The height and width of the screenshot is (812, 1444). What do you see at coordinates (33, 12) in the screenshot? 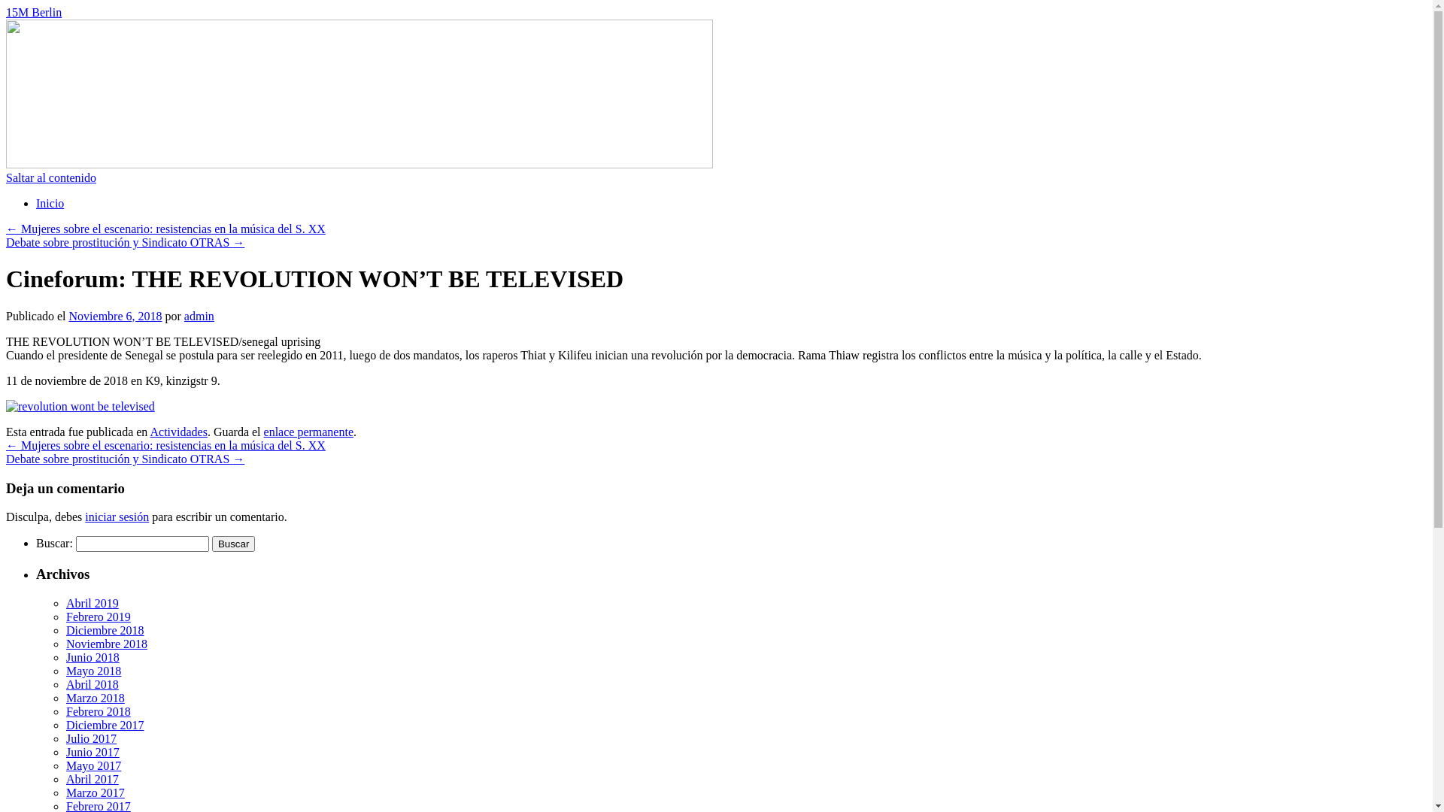
I see `'15M Berlin'` at bounding box center [33, 12].